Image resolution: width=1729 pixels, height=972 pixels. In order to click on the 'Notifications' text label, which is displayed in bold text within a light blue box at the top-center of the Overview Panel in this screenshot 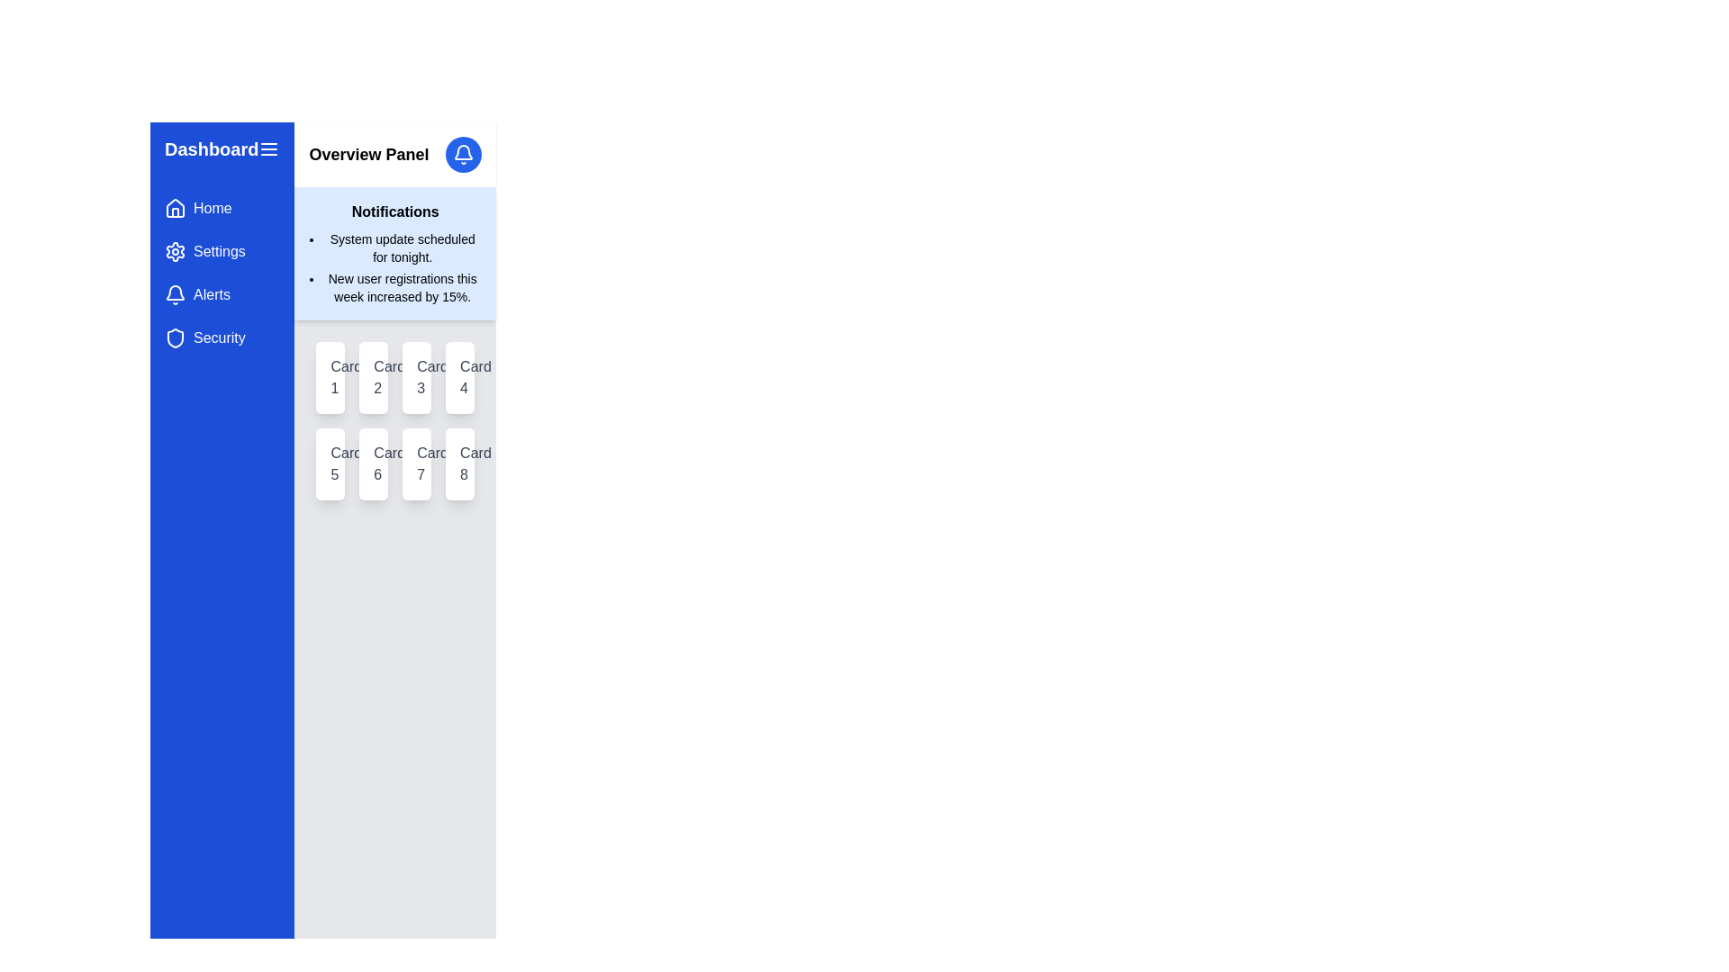, I will do `click(394, 211)`.